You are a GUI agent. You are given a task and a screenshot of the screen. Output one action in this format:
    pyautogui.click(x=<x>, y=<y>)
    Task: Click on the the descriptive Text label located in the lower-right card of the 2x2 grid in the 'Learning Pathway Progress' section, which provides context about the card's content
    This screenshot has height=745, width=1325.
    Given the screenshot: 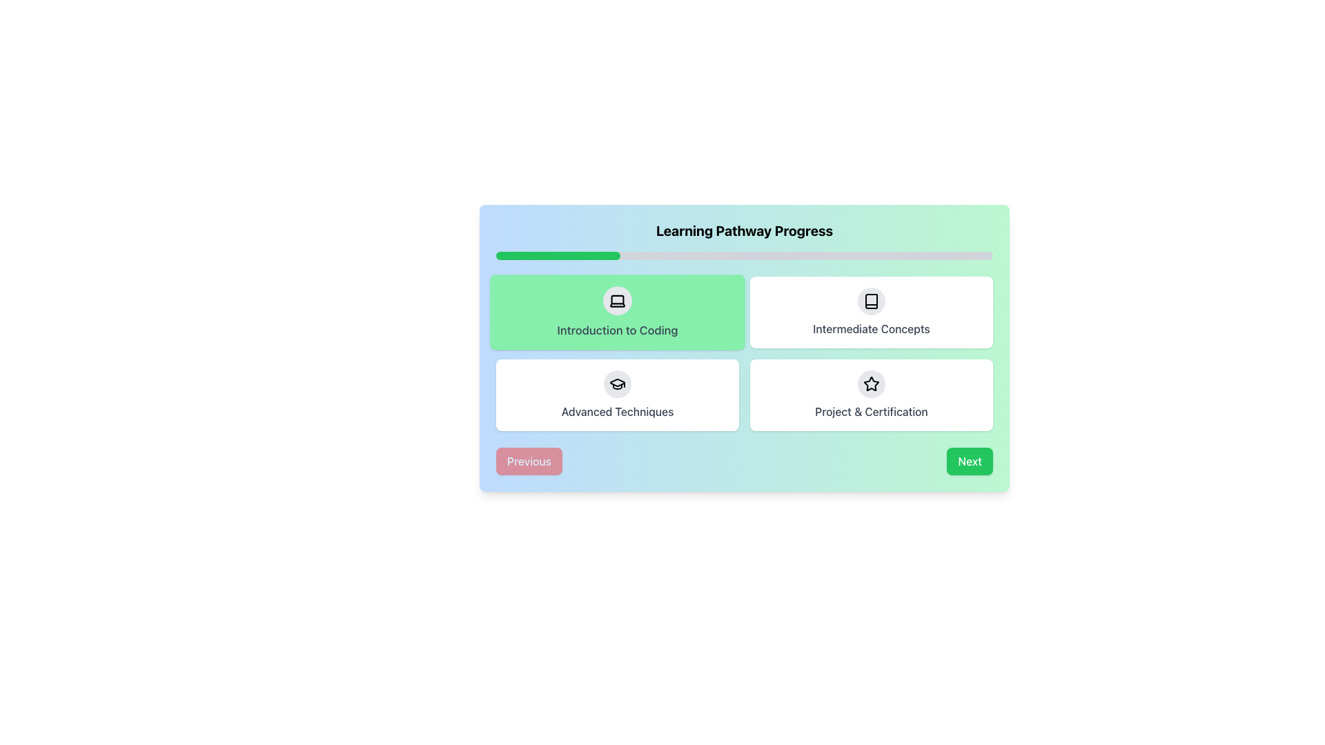 What is the action you would take?
    pyautogui.click(x=870, y=411)
    